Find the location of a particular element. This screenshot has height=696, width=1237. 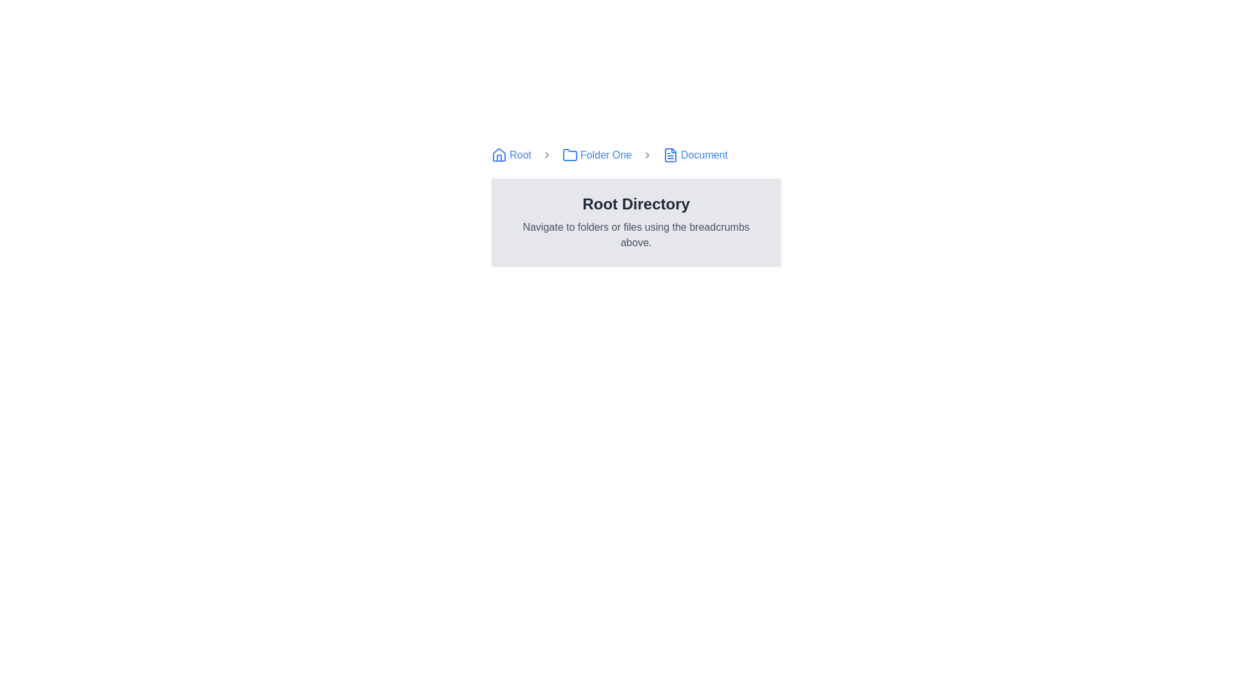

the Breadcrumb Navigation Component located at the top-center of the interface is located at coordinates (636, 154).